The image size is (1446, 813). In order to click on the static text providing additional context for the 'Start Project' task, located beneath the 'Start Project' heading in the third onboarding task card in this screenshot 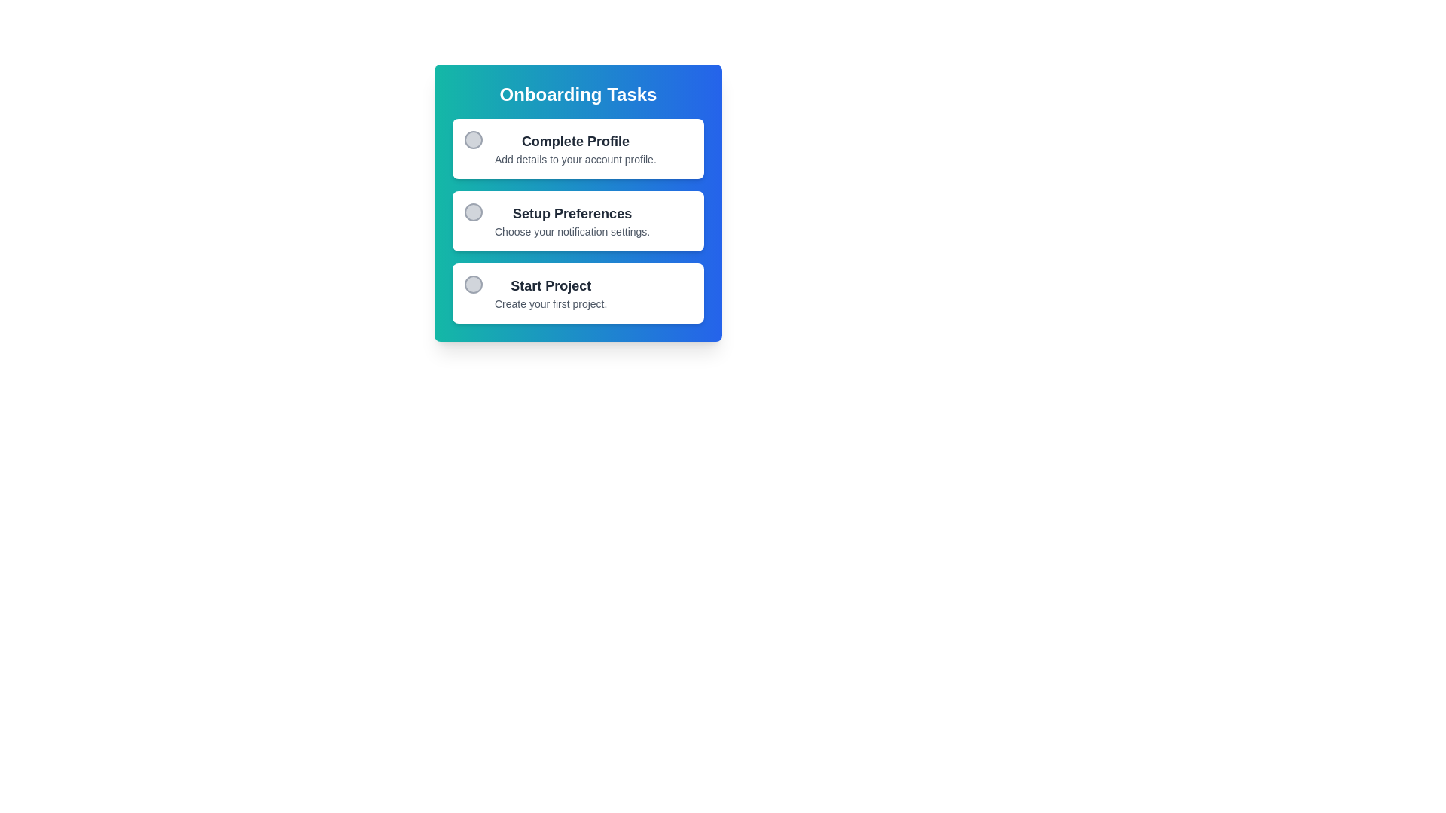, I will do `click(550, 304)`.